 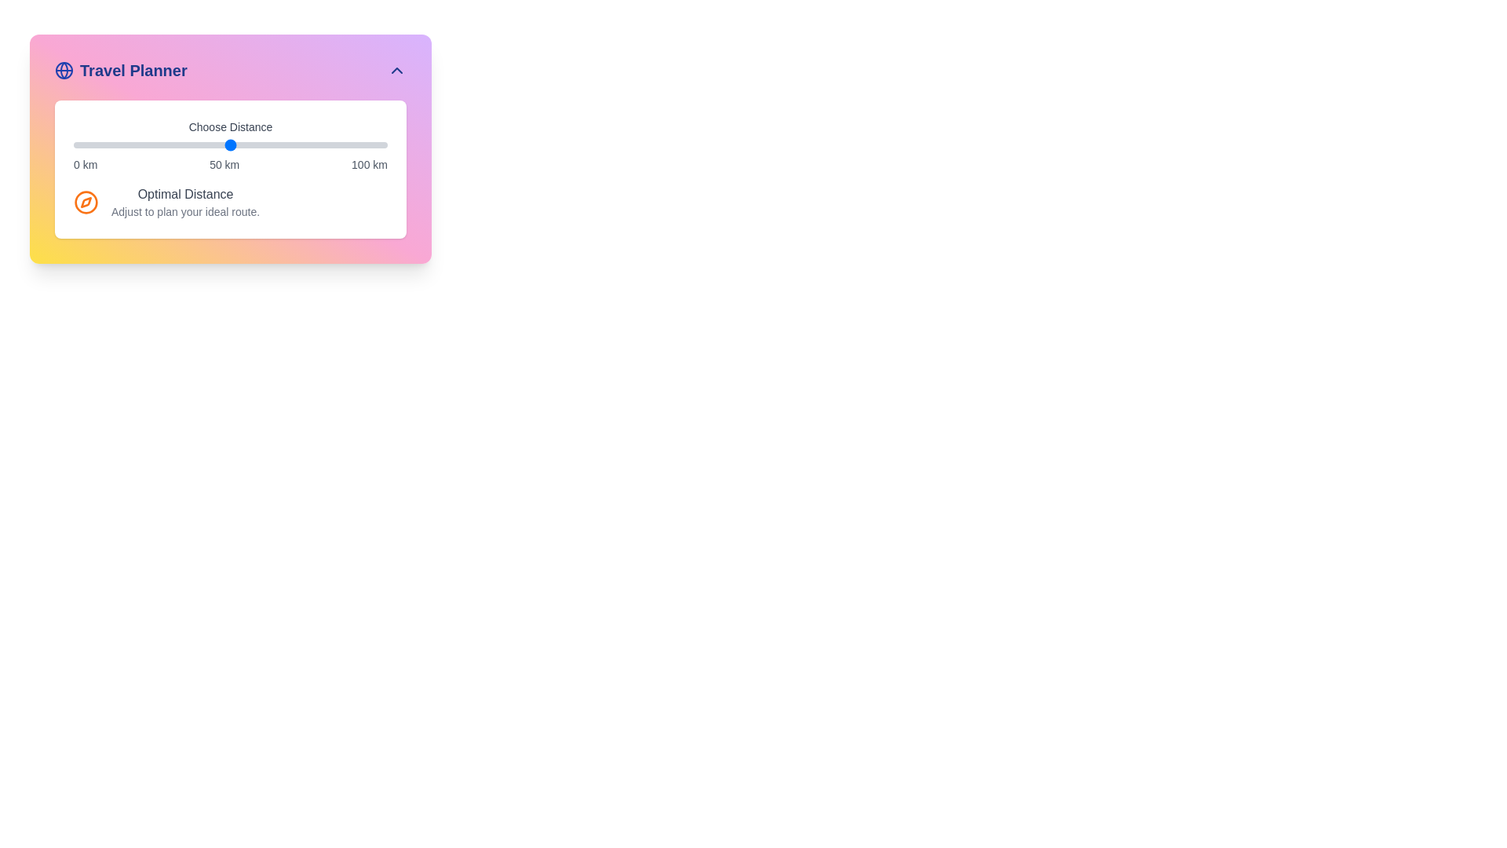 I want to click on the distance slider, so click(x=283, y=145).